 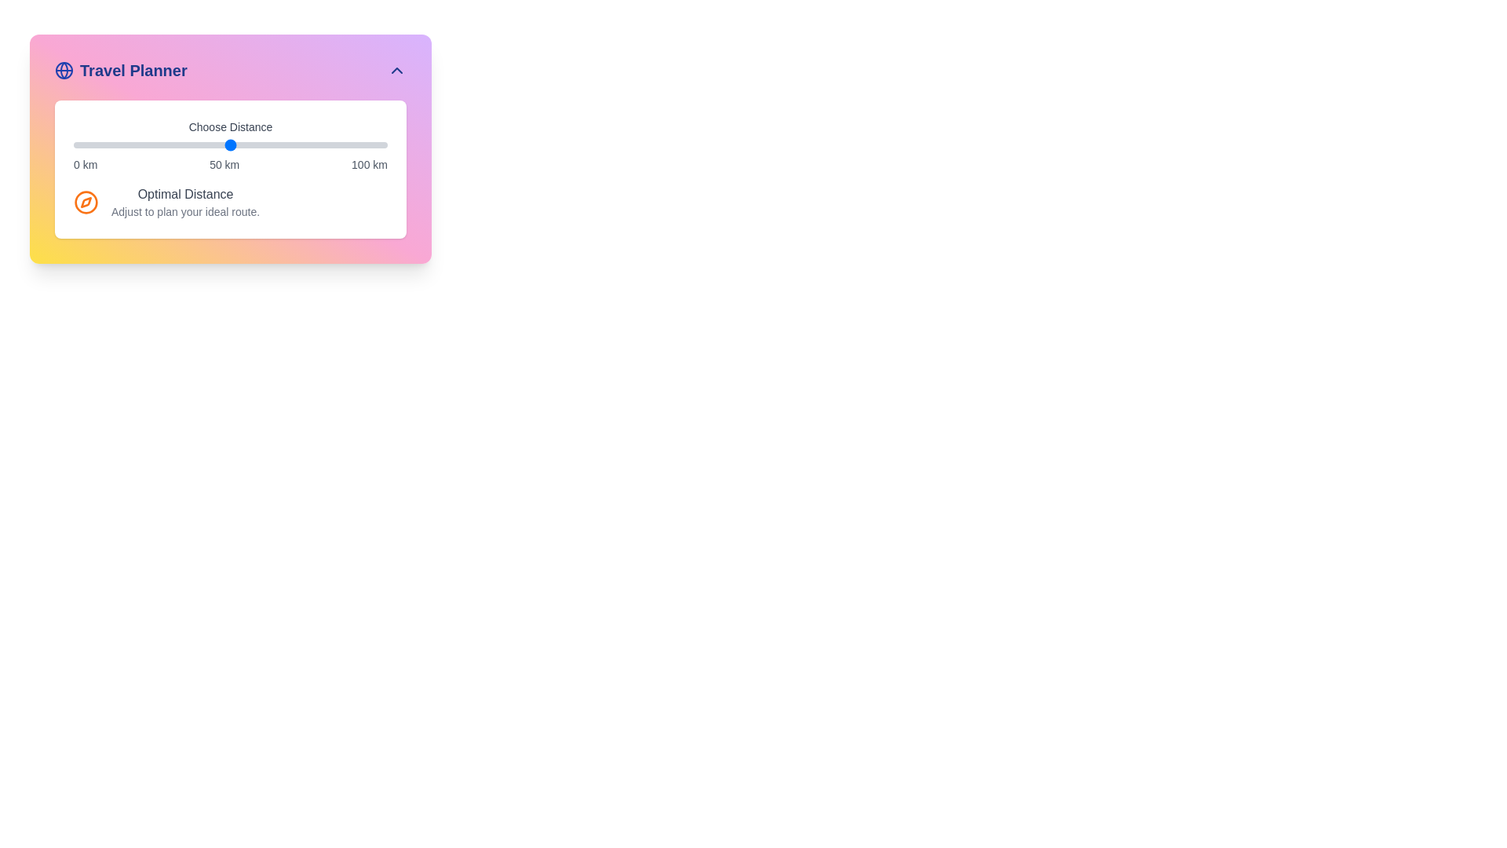 I want to click on the distance slider, so click(x=283, y=145).